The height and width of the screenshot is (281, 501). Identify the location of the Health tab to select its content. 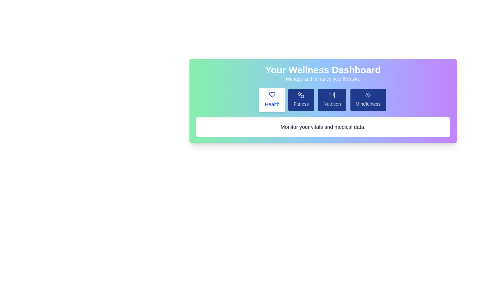
(272, 100).